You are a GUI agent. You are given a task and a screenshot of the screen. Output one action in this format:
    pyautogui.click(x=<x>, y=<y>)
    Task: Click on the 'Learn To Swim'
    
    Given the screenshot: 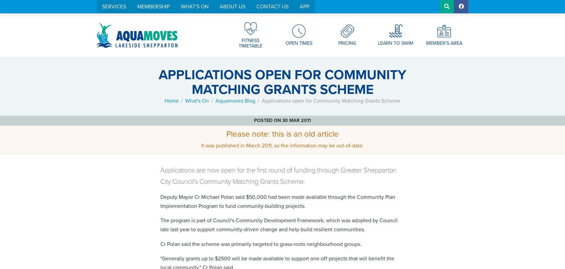 What is the action you would take?
    pyautogui.click(x=395, y=43)
    